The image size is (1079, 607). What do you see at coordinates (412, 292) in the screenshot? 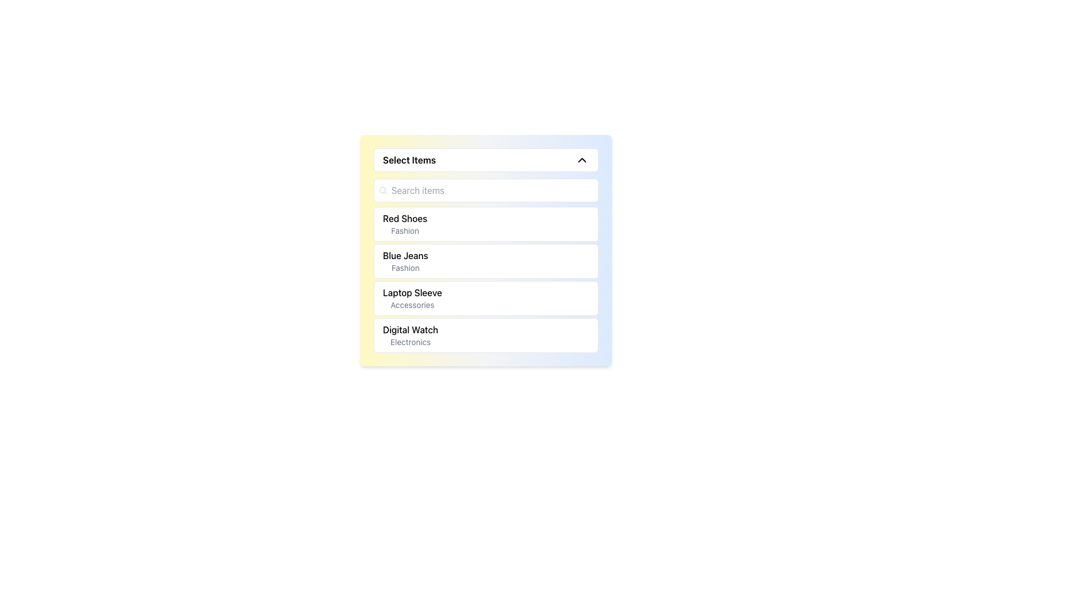
I see `the text label identifying the item titled 'Laptop Sleeve' in the list of selectable items under the header 'Select Items.'` at bounding box center [412, 292].